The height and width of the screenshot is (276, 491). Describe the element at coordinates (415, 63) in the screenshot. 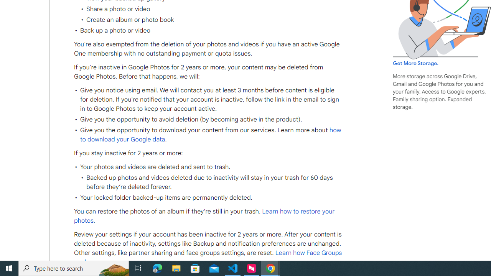

I see `'Get More Storage.'` at that location.